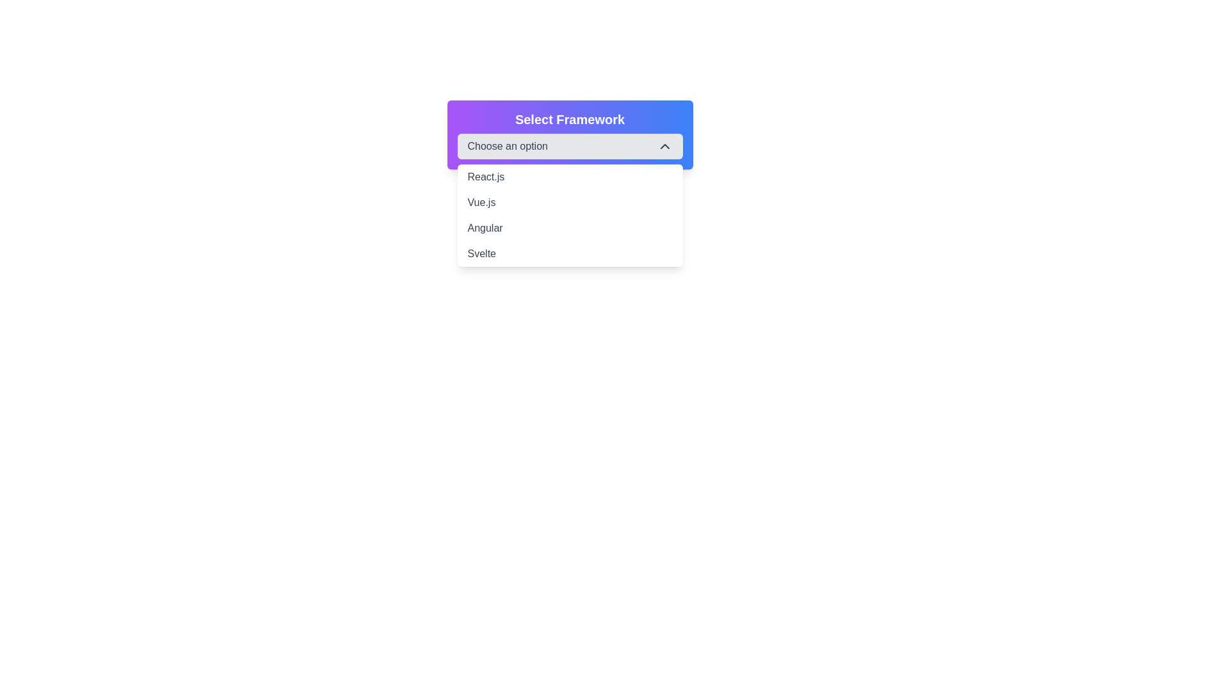  What do you see at coordinates (569, 202) in the screenshot?
I see `the second item in the dropdown menu that allows the selection of the programming framework, which is labeled 'Vue.js'` at bounding box center [569, 202].